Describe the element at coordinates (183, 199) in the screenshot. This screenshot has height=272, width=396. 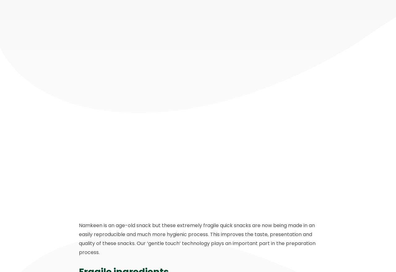
I see `'Legal'` at that location.